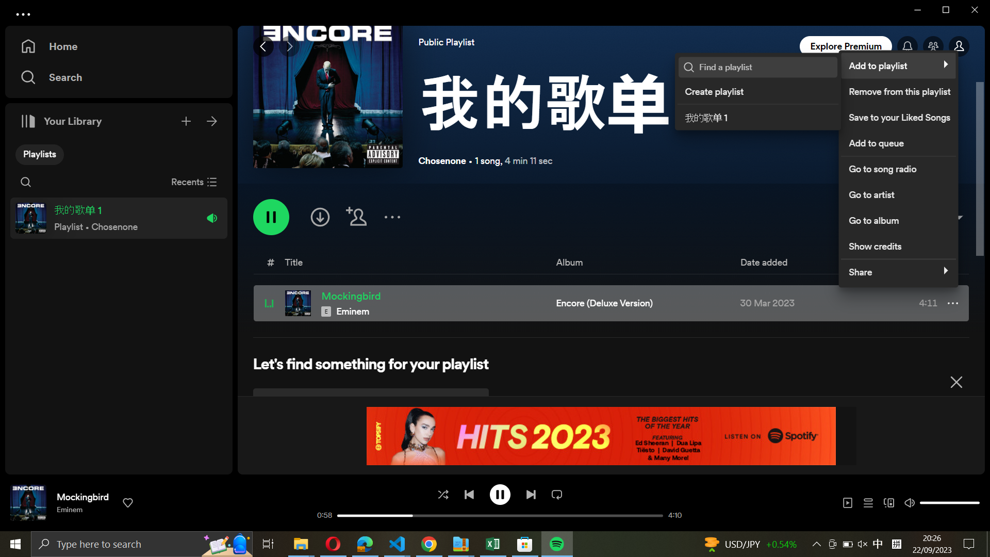  What do you see at coordinates (530, 493) in the screenshot?
I see `the song completion` at bounding box center [530, 493].